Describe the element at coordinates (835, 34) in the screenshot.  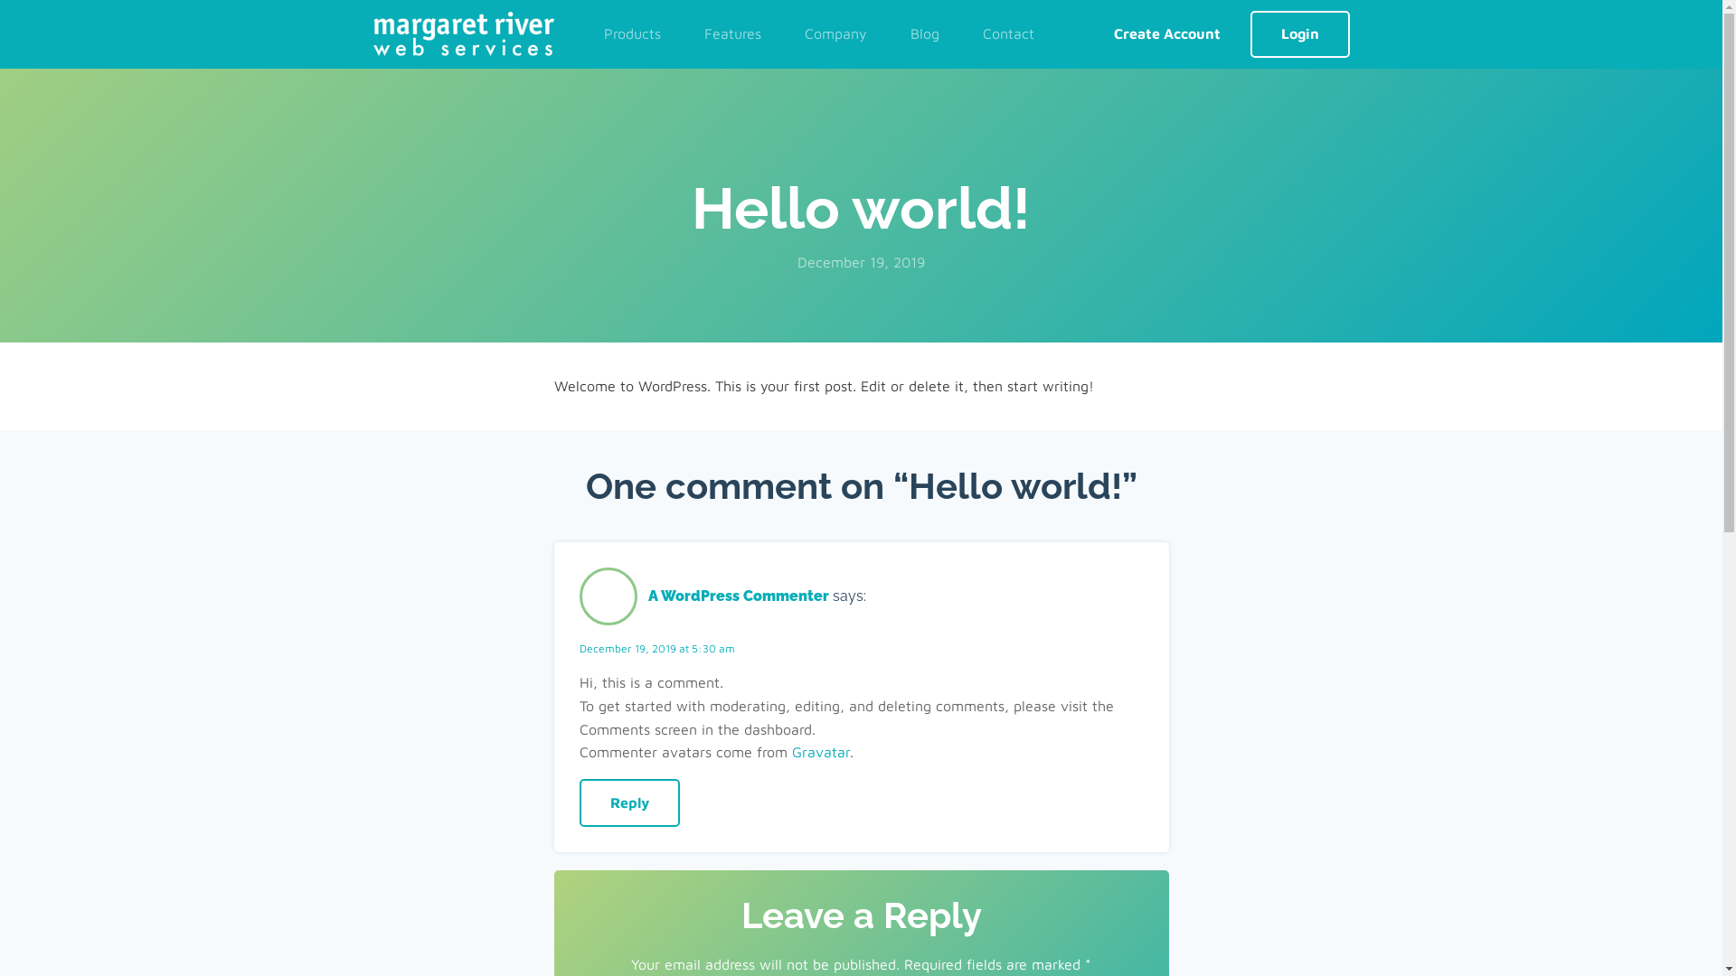
I see `'Company'` at that location.